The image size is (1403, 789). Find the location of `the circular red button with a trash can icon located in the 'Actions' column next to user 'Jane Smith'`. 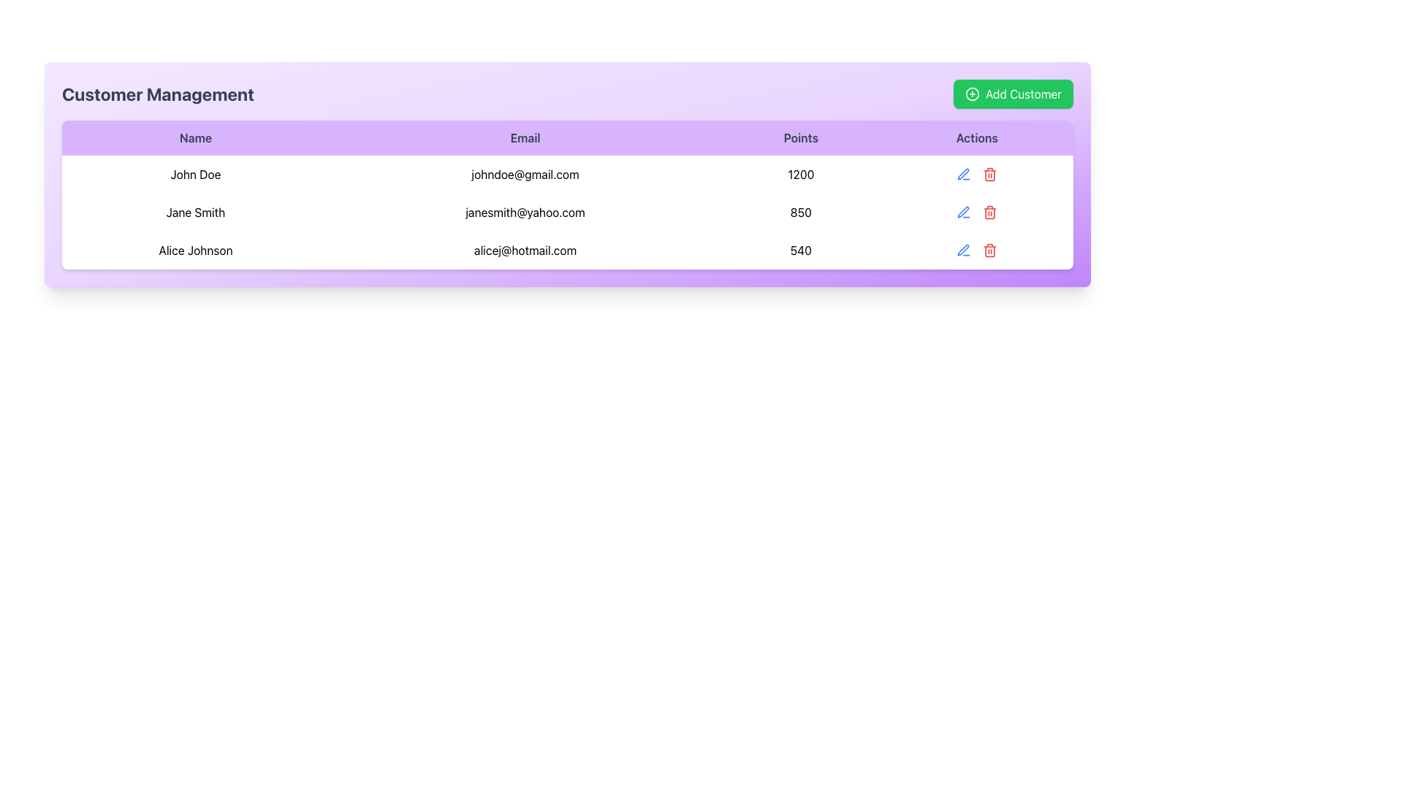

the circular red button with a trash can icon located in the 'Actions' column next to user 'Jane Smith' is located at coordinates (990, 174).